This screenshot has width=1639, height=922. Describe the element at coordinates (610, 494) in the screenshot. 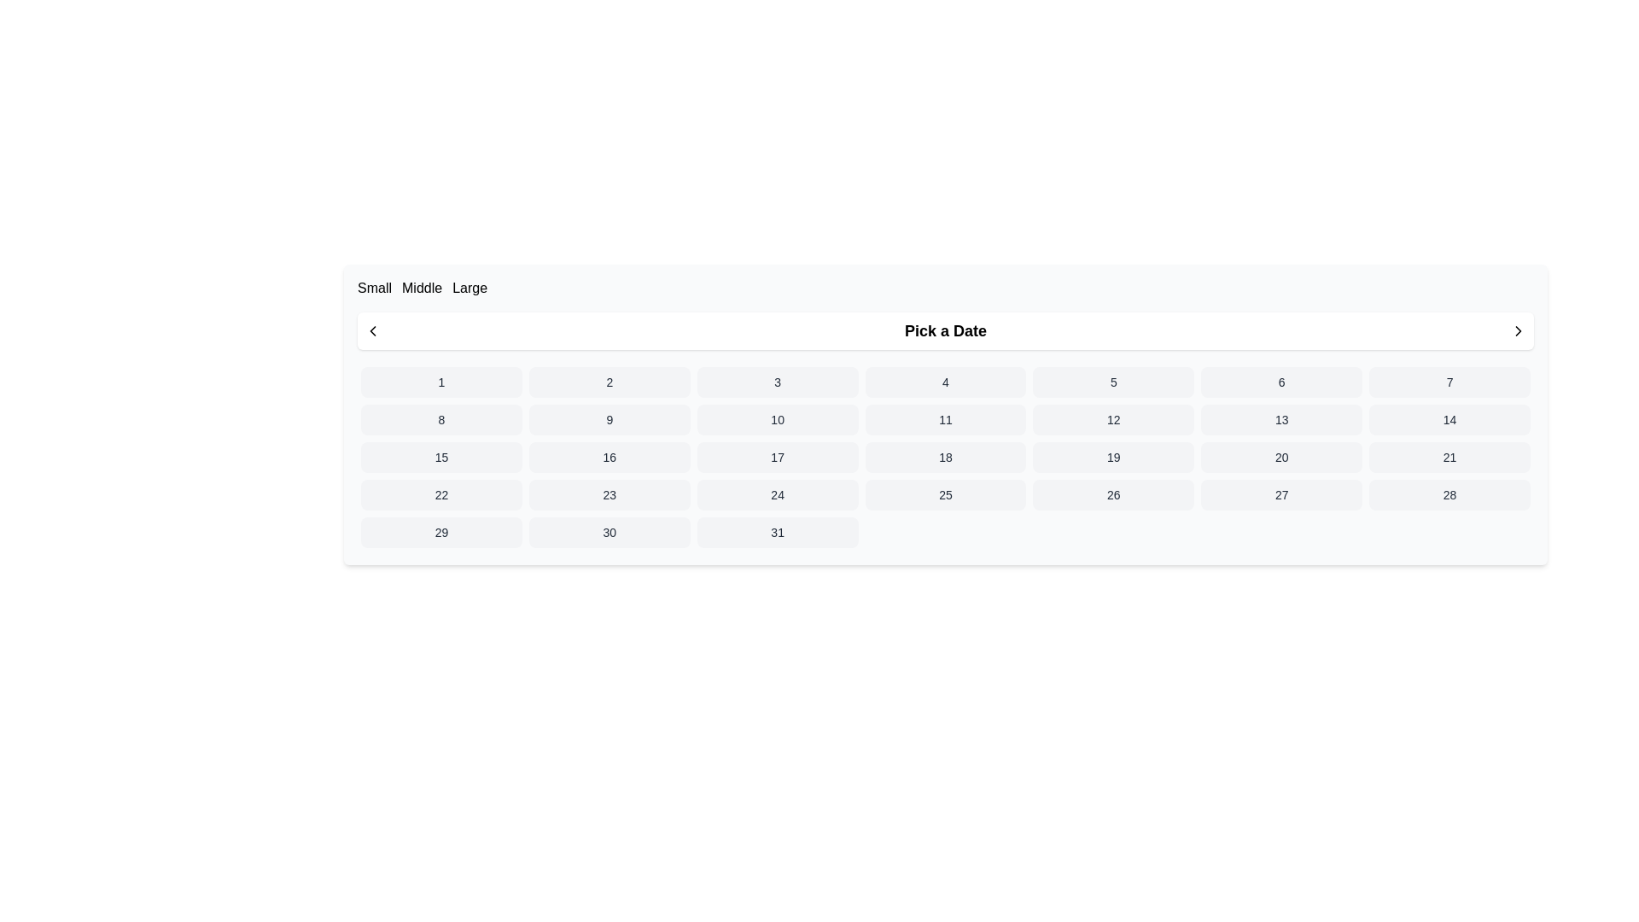

I see `the date selection button for '23' in the calendar interface` at that location.